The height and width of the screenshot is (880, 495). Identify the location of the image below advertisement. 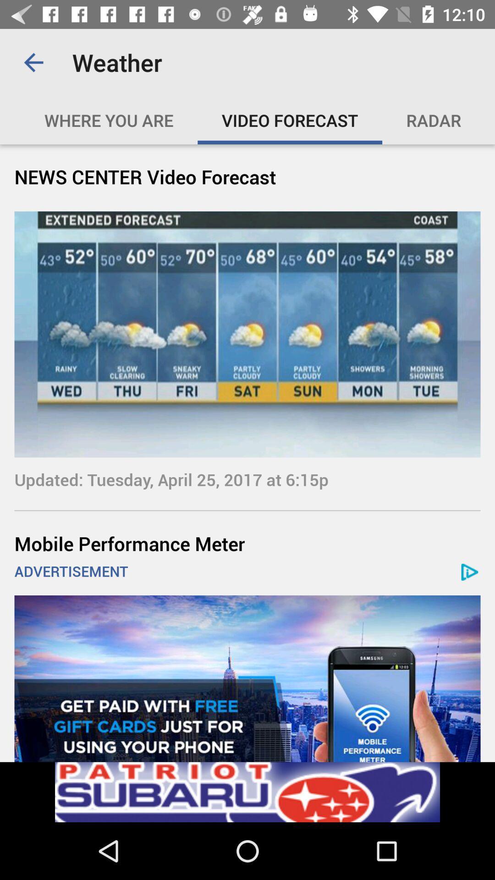
(247, 679).